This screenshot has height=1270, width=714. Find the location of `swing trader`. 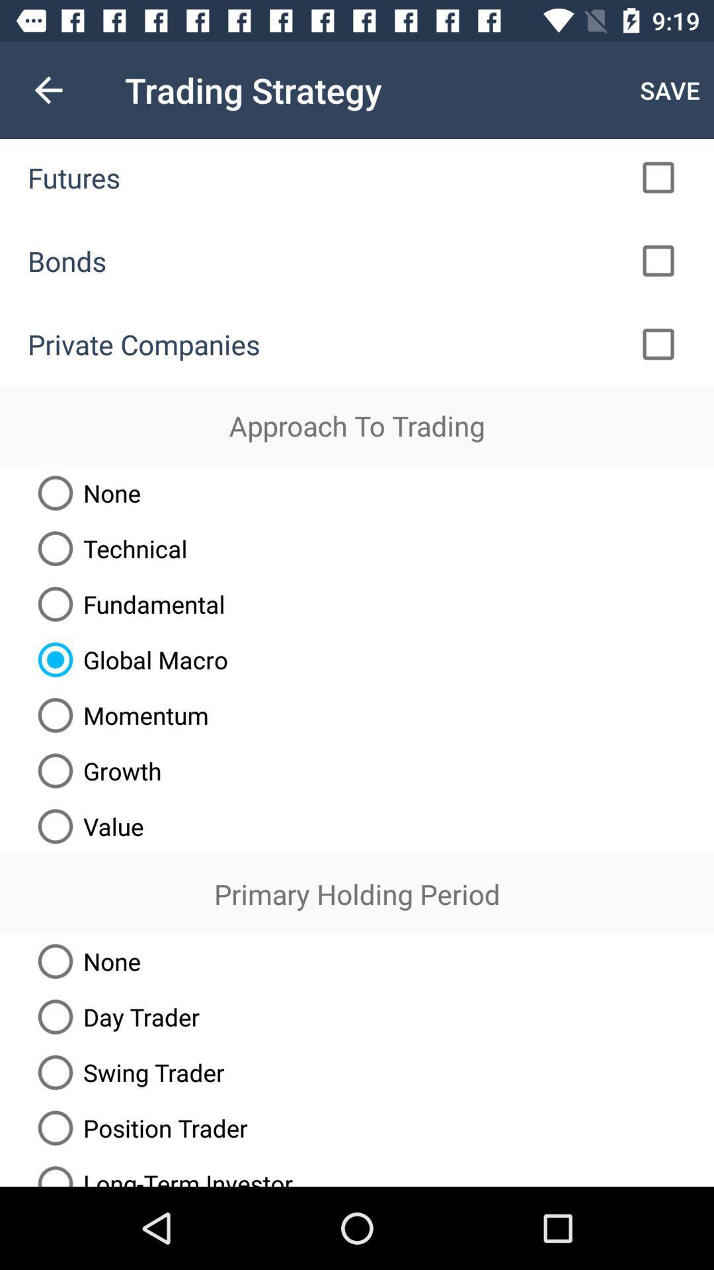

swing trader is located at coordinates (126, 1072).